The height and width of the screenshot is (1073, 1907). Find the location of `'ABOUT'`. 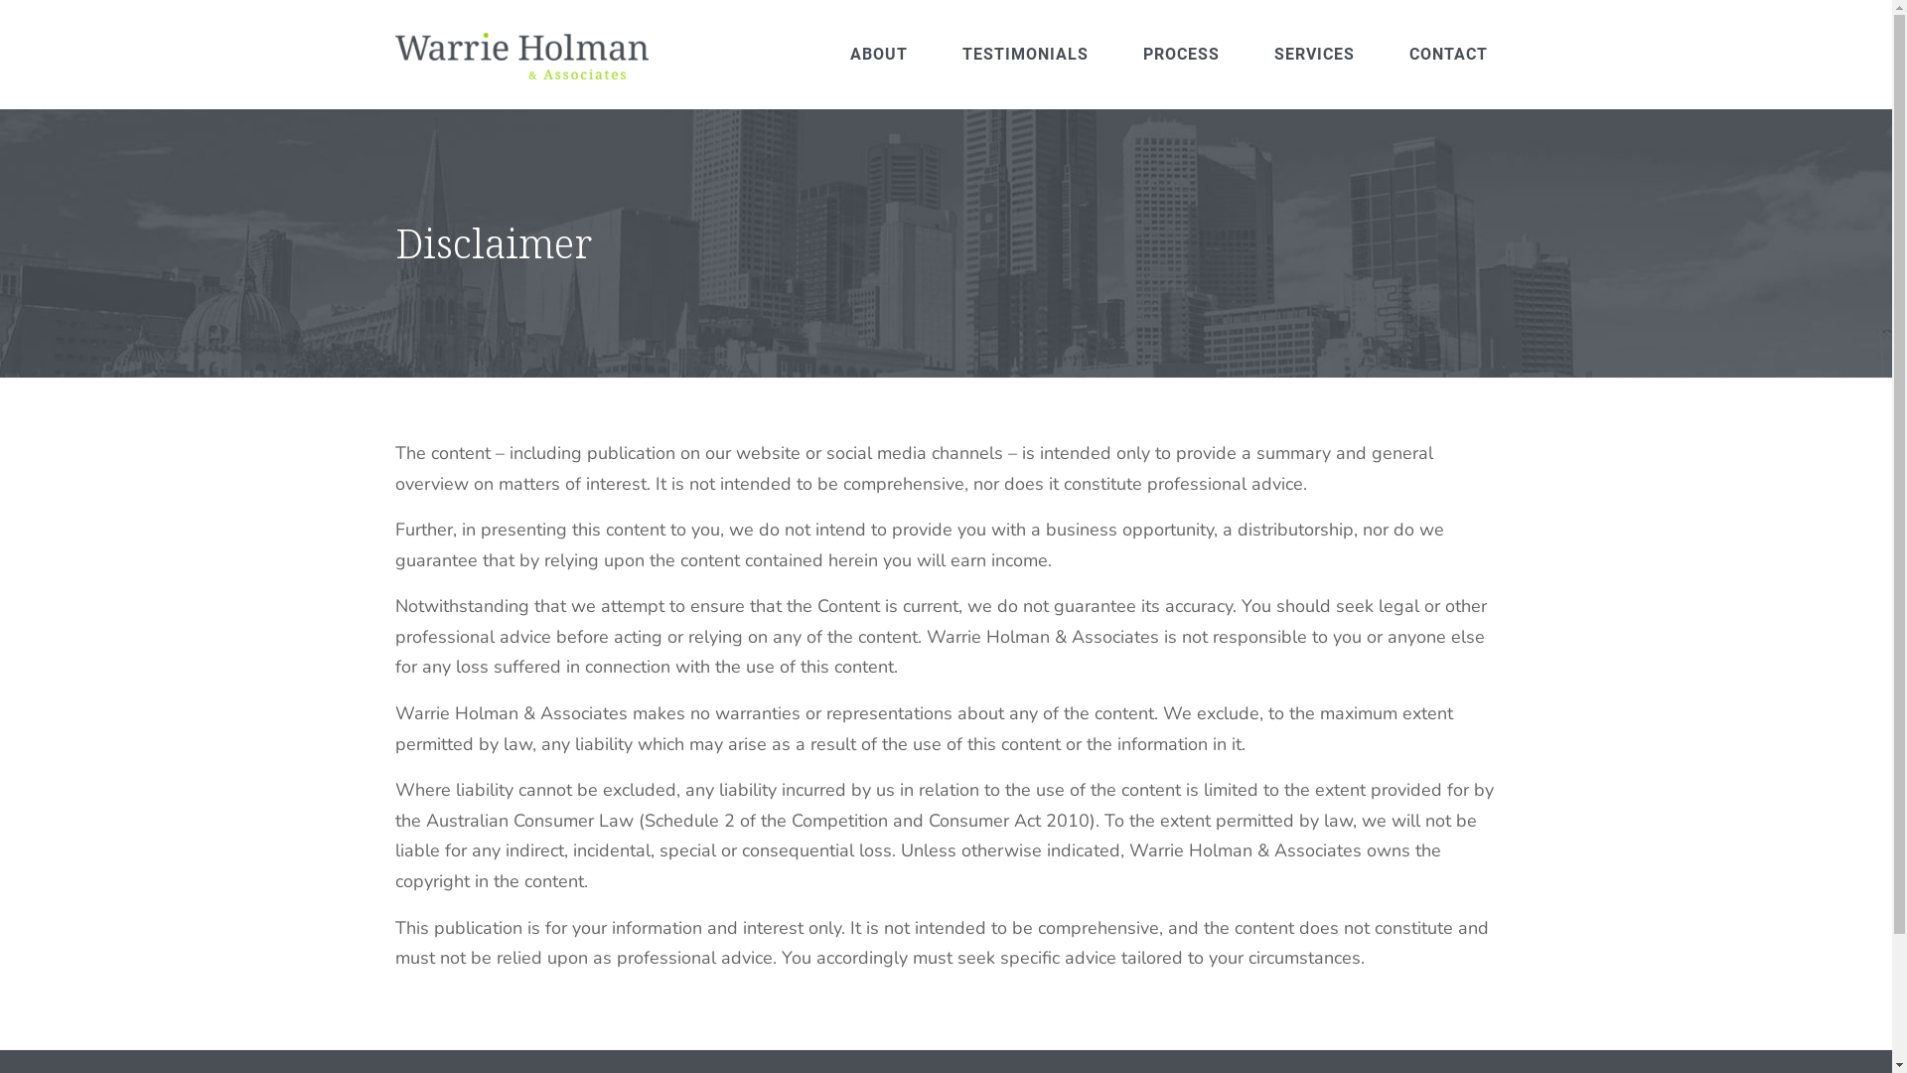

'ABOUT' is located at coordinates (876, 53).